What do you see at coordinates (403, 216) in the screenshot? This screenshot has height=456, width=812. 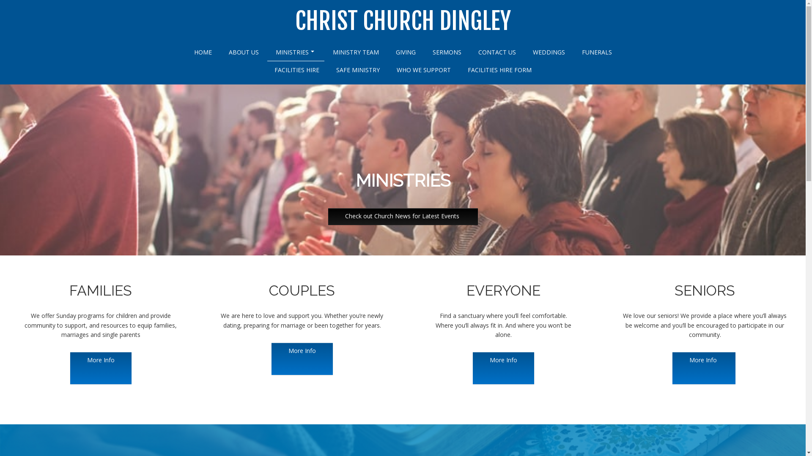 I see `'Check out Church News for Latest Events '` at bounding box center [403, 216].